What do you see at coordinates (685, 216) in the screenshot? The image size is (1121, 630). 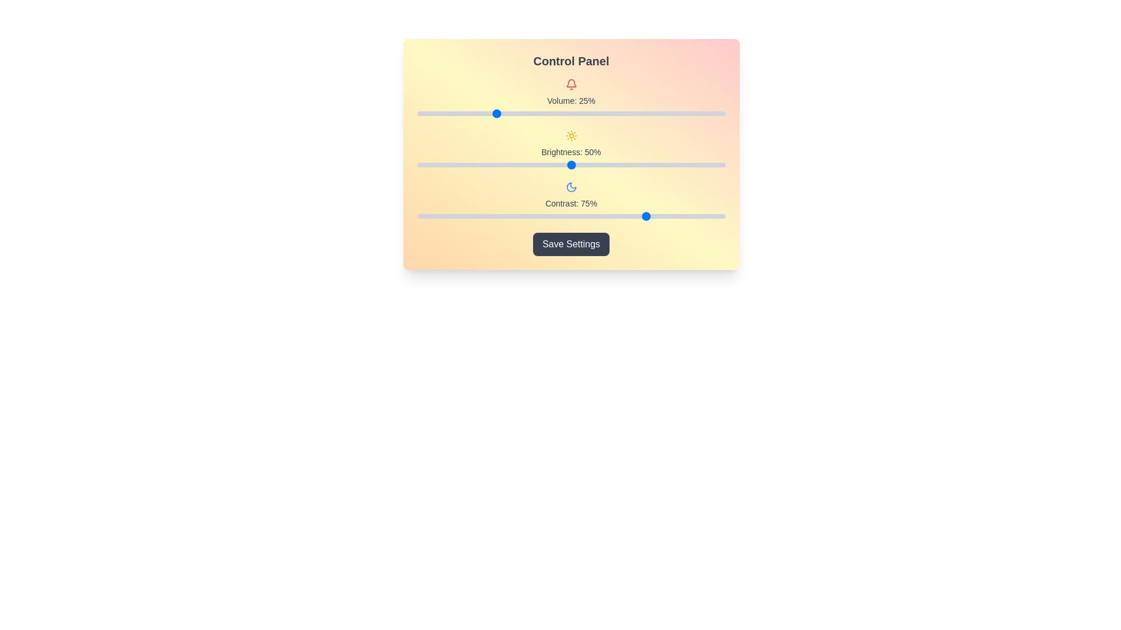 I see `contrast` at bounding box center [685, 216].